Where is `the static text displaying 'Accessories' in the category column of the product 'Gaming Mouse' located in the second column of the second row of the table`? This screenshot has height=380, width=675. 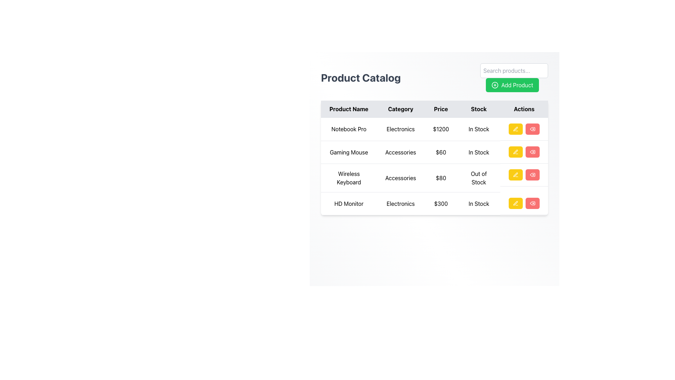
the static text displaying 'Accessories' in the category column of the product 'Gaming Mouse' located in the second column of the second row of the table is located at coordinates (400, 152).